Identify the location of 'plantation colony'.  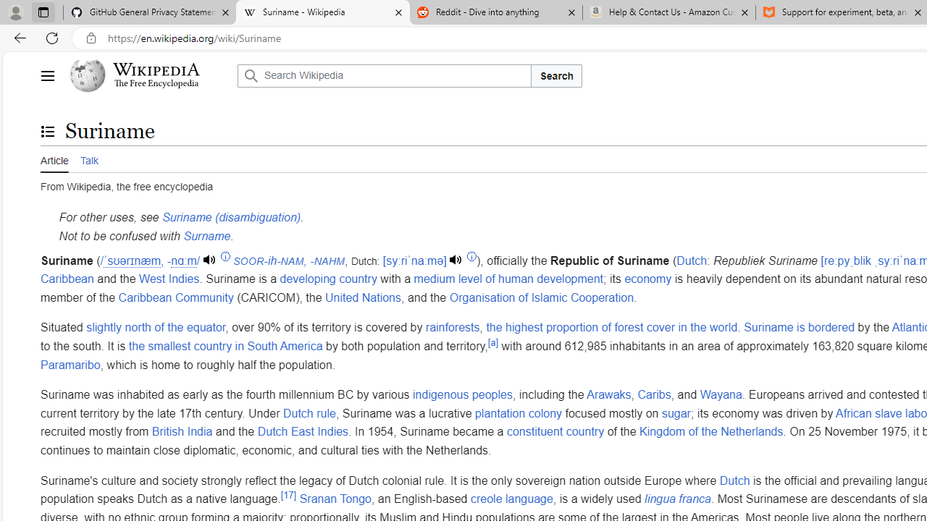
(519, 413).